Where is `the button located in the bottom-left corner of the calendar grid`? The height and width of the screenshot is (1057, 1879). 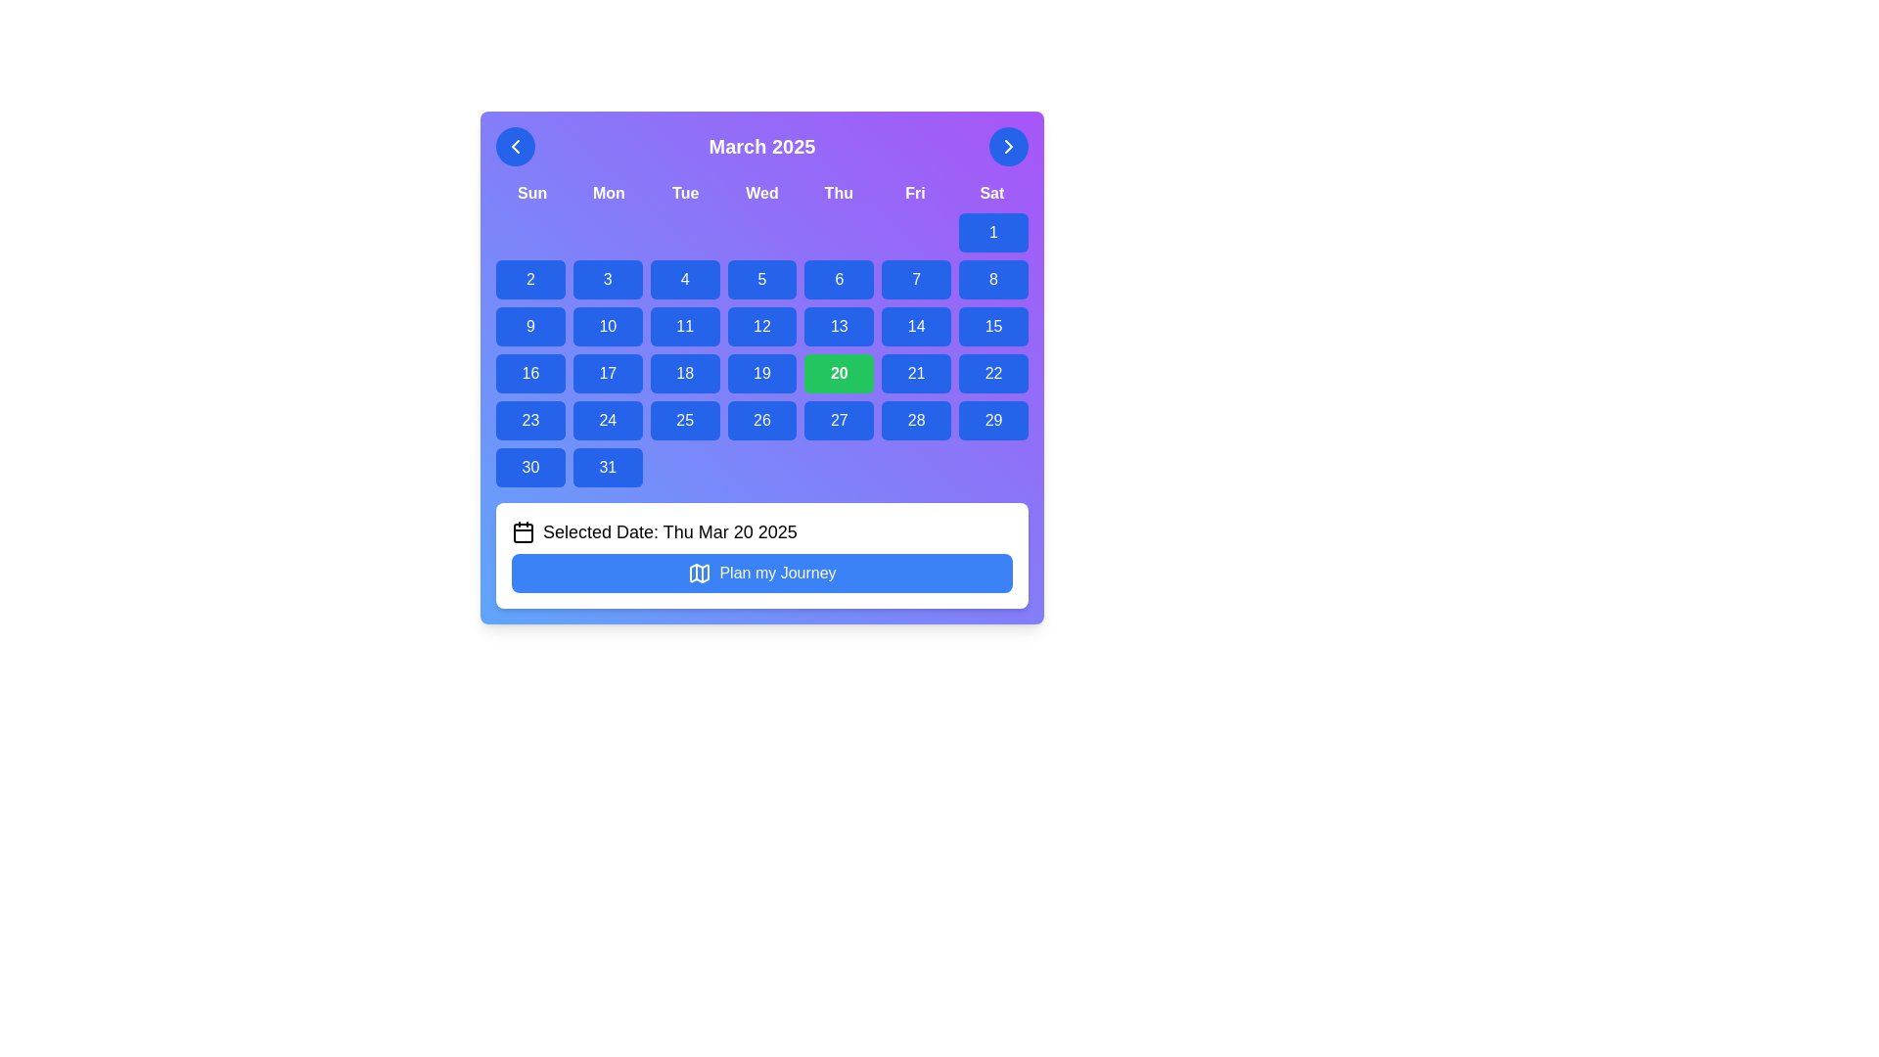
the button located in the bottom-left corner of the calendar grid is located at coordinates (530, 468).